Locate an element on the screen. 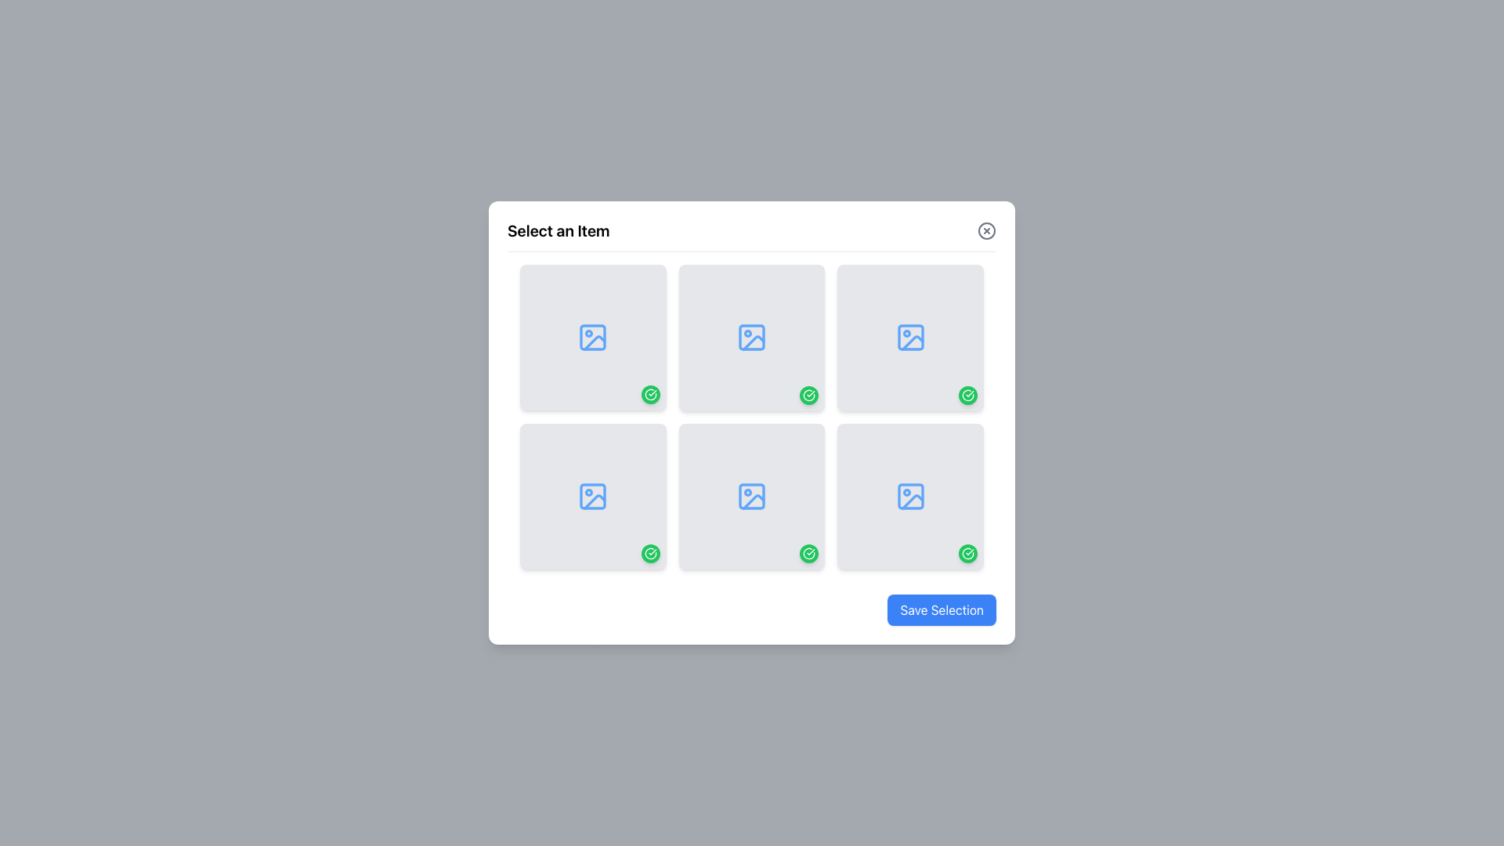 This screenshot has width=1504, height=846. the circular green badge icon with a white checkmark located in the bottom-right corner of the sixth card in a grid layout to confirm the selection is located at coordinates (650, 553).